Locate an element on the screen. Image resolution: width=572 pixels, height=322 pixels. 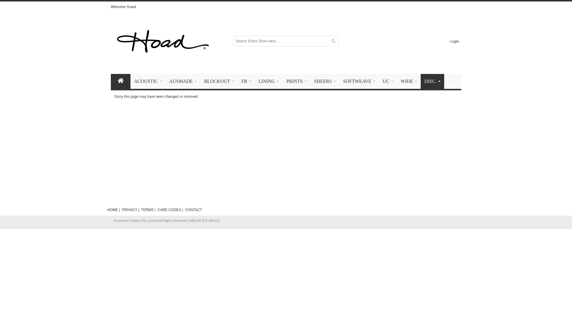
'SHEERS  ' is located at coordinates (324, 81).